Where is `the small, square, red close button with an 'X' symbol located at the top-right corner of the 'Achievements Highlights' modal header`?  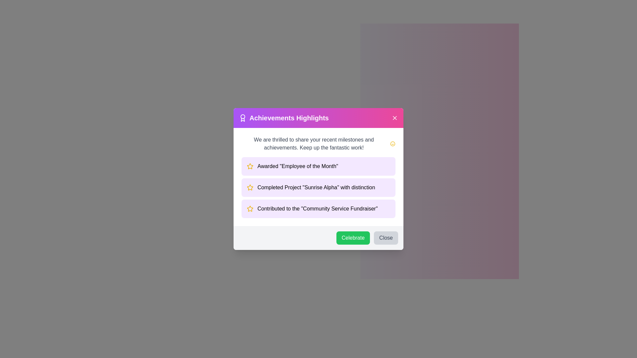 the small, square, red close button with an 'X' symbol located at the top-right corner of the 'Achievements Highlights' modal header is located at coordinates (395, 117).